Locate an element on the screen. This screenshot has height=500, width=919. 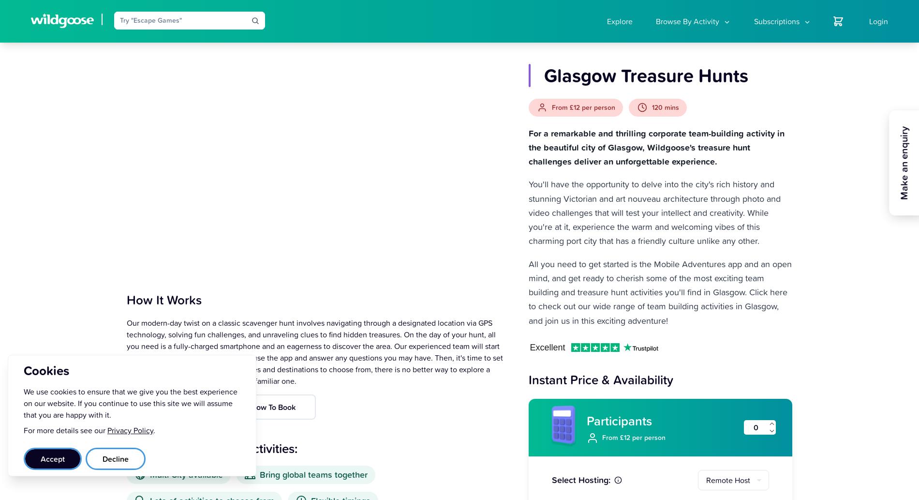
'Virtual Activities' is located at coordinates (677, 88).